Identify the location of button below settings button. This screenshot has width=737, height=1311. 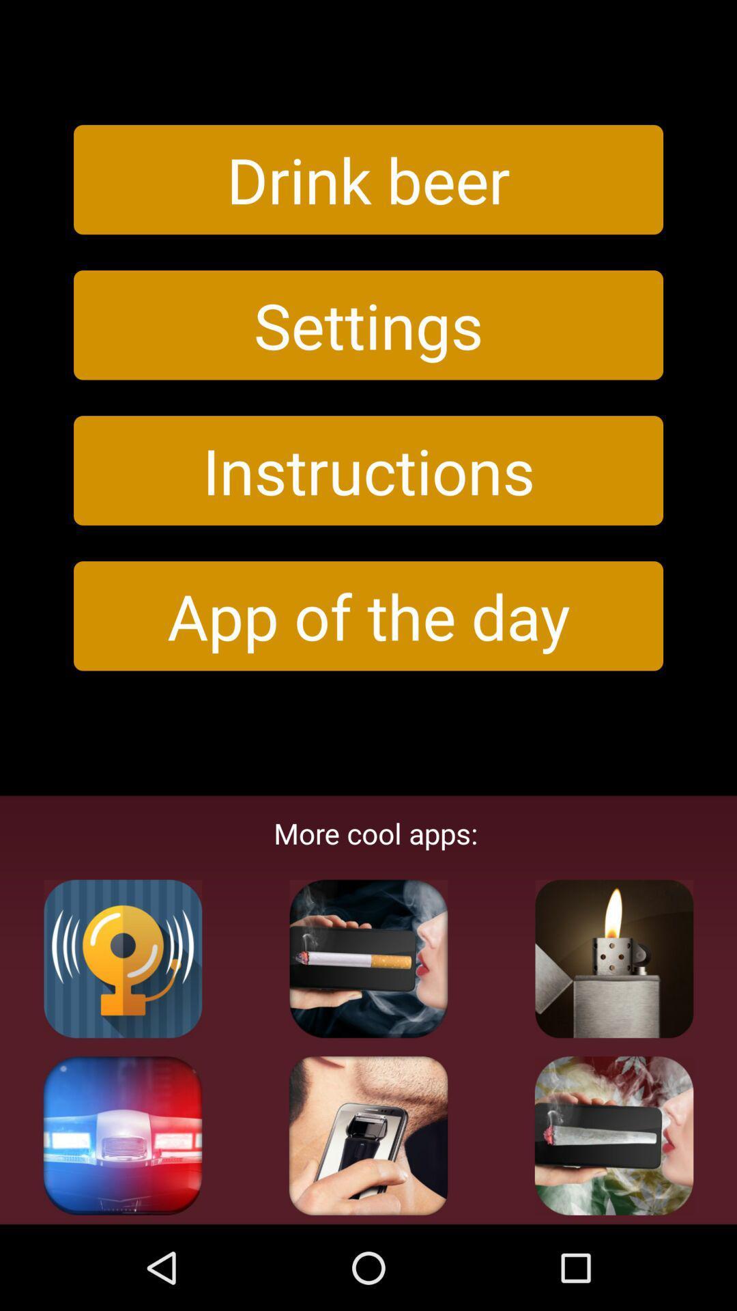
(369, 470).